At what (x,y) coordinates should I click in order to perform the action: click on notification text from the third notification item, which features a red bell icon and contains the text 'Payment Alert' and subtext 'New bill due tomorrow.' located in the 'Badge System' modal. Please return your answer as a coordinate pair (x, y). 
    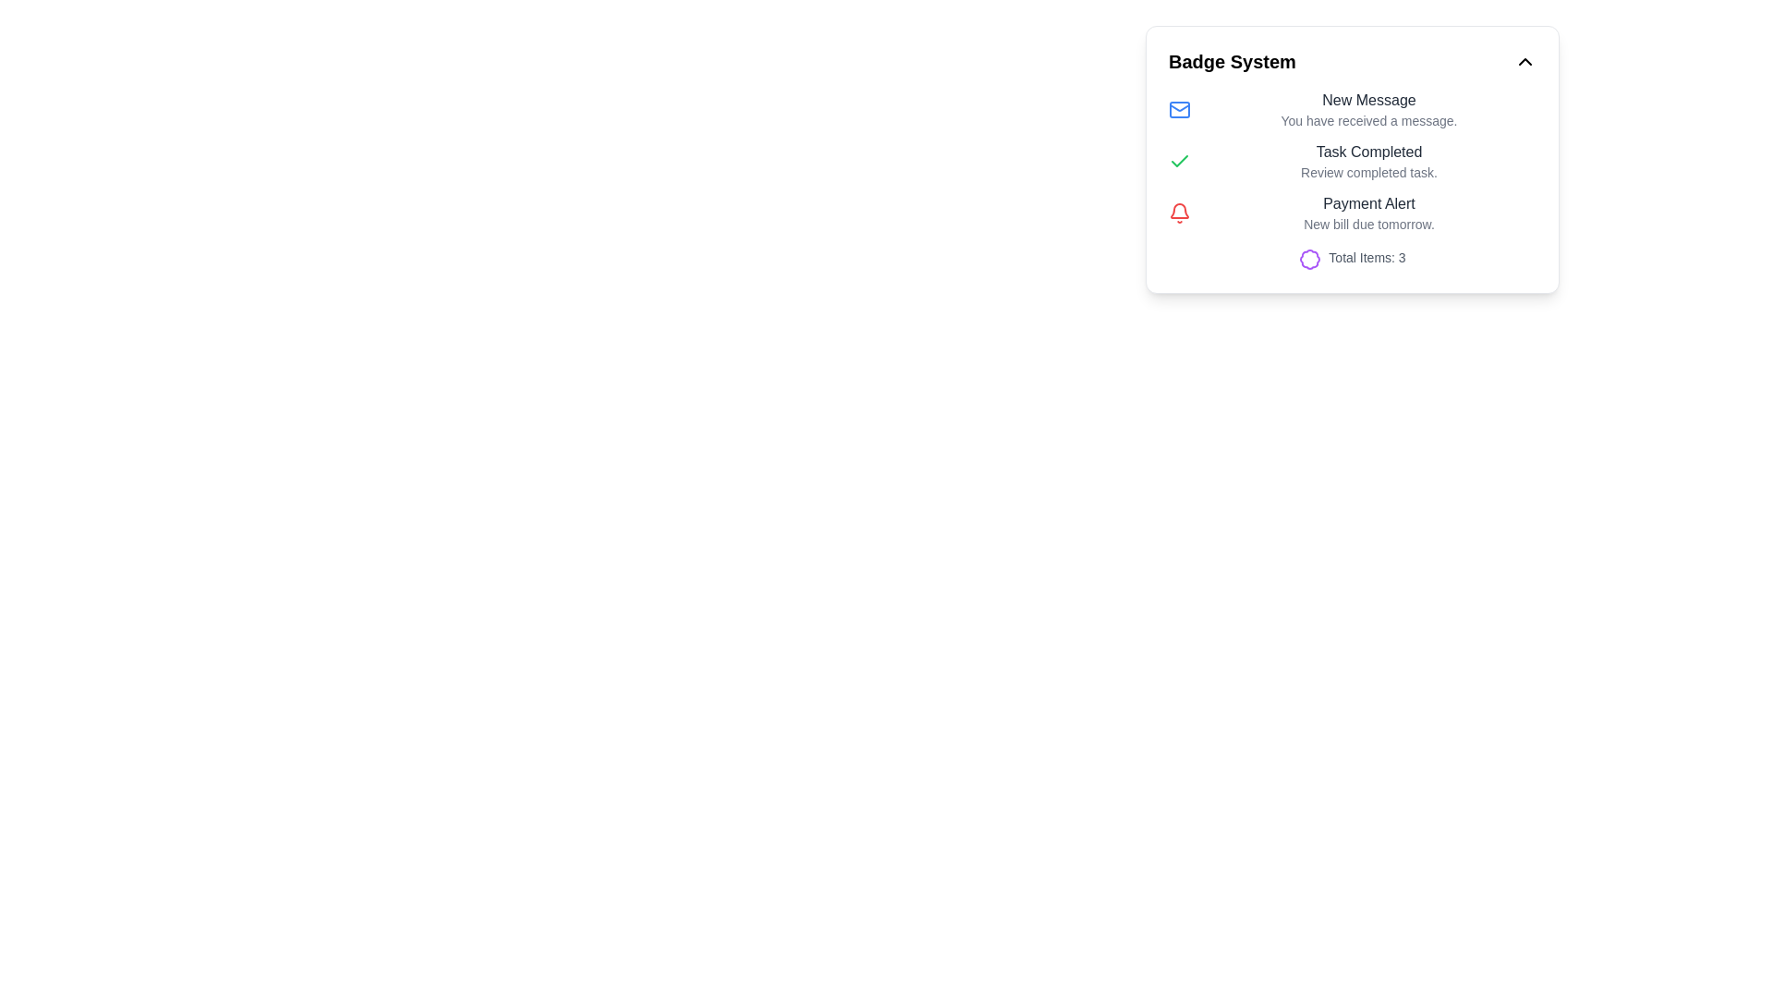
    Looking at the image, I should click on (1353, 213).